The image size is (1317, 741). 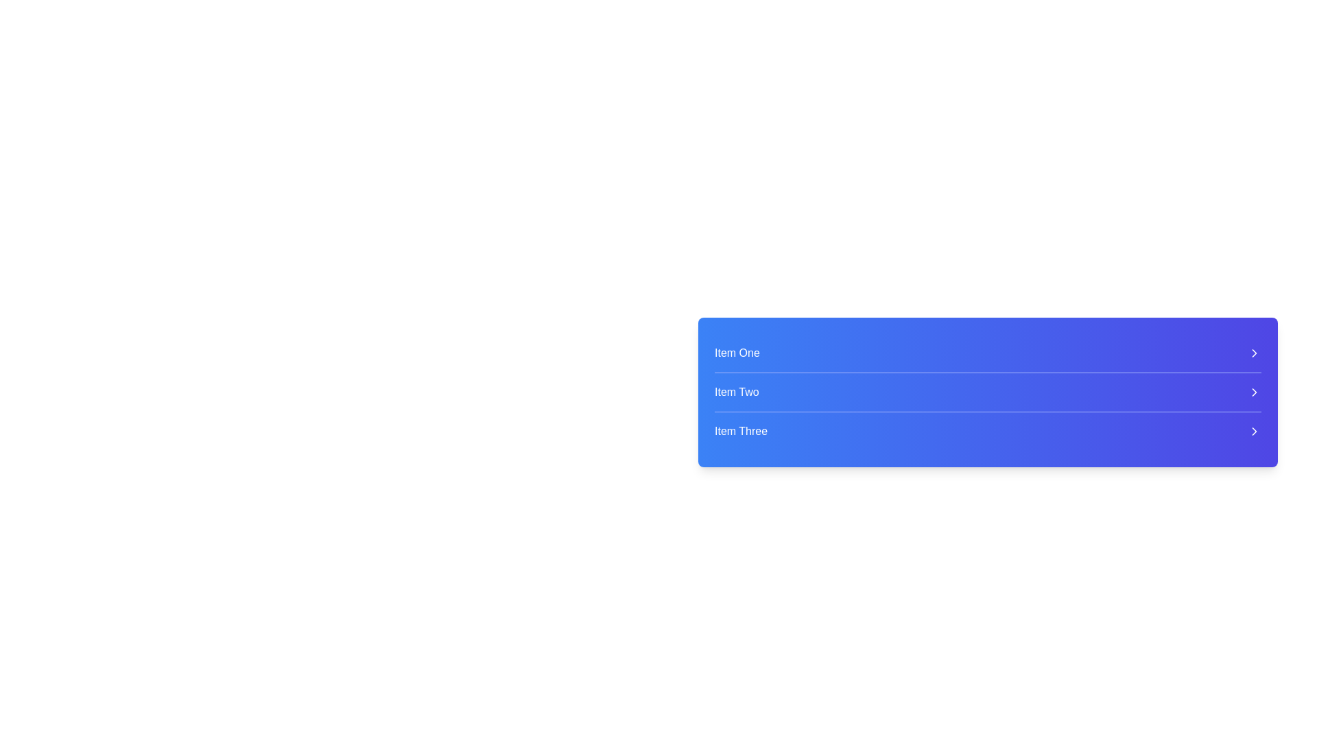 I want to click on the List Item labeled 'Item Two', so click(x=988, y=392).